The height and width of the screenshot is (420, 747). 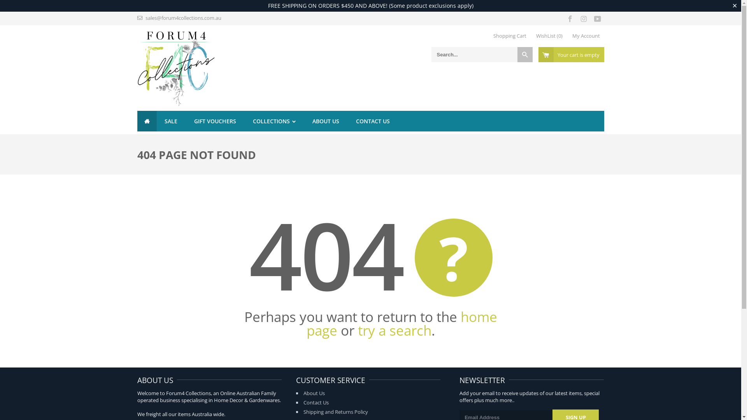 I want to click on 'WishList (0)', so click(x=549, y=36).